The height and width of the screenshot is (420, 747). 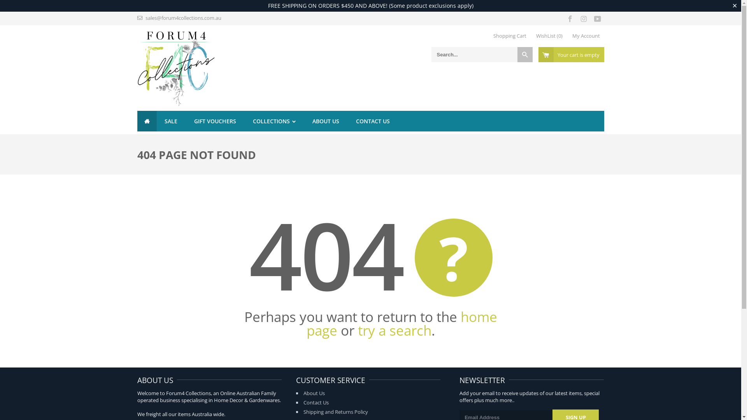 I want to click on 'WishList (0)', so click(x=549, y=36).